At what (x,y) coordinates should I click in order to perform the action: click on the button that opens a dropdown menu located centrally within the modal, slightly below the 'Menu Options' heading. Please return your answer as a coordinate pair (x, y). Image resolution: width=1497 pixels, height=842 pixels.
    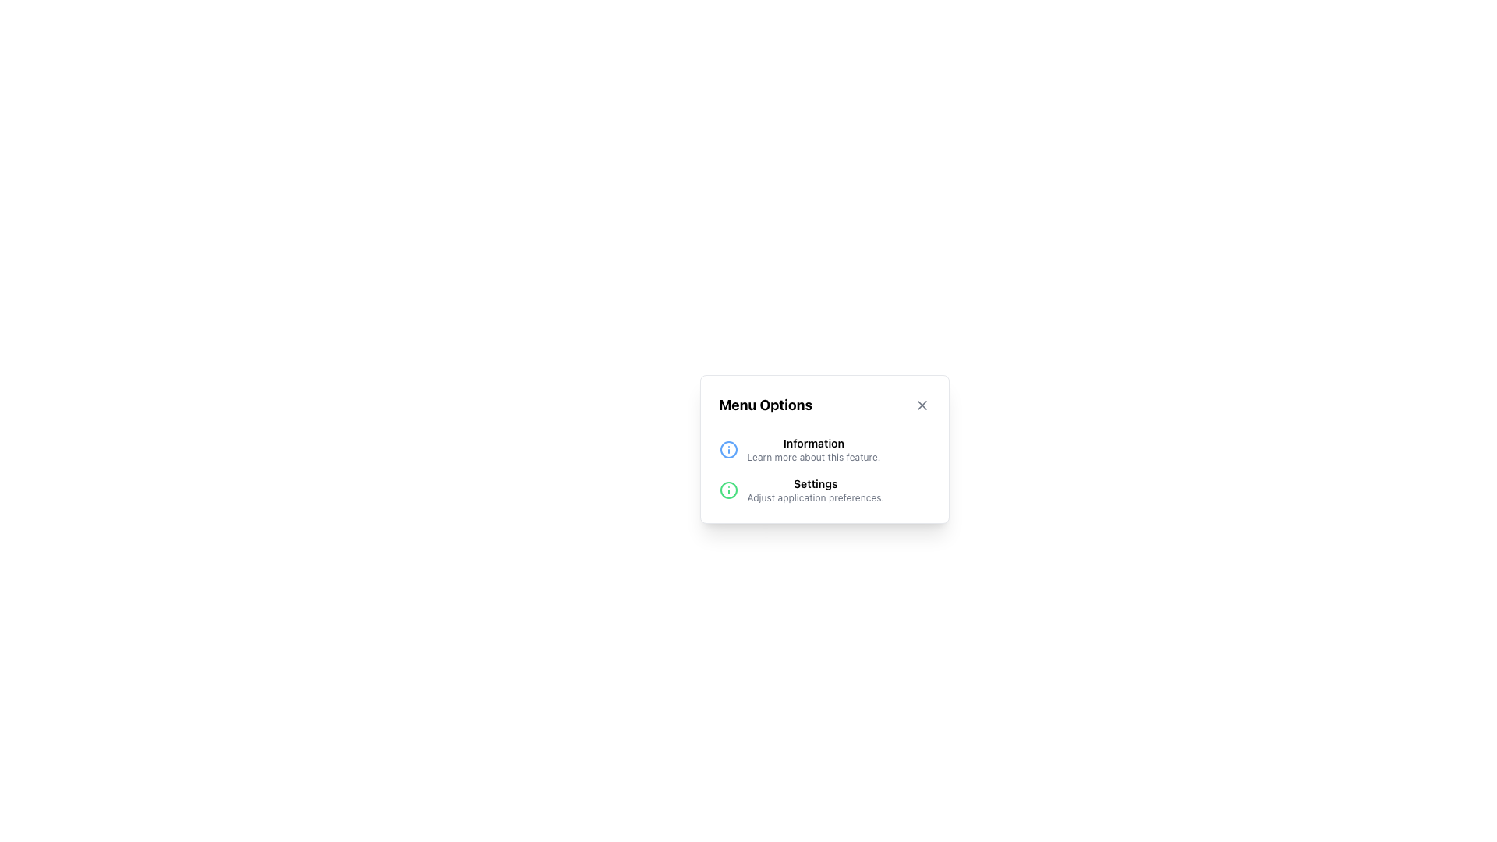
    Looking at the image, I should click on (823, 442).